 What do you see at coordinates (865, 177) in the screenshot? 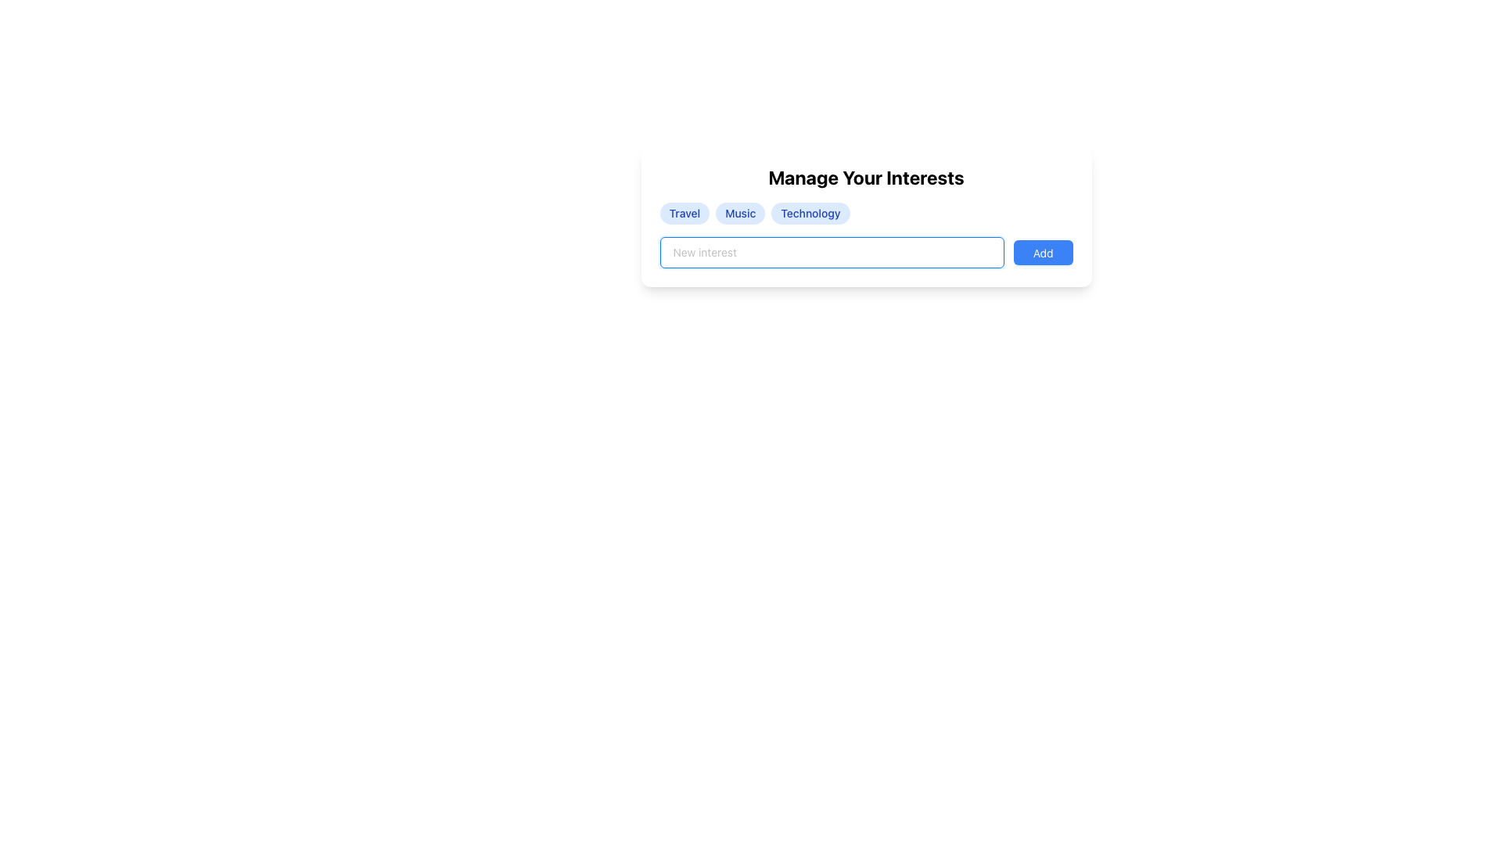
I see `the text header displaying 'Manage Your Interests' which is positioned at the top of the card interface` at bounding box center [865, 177].